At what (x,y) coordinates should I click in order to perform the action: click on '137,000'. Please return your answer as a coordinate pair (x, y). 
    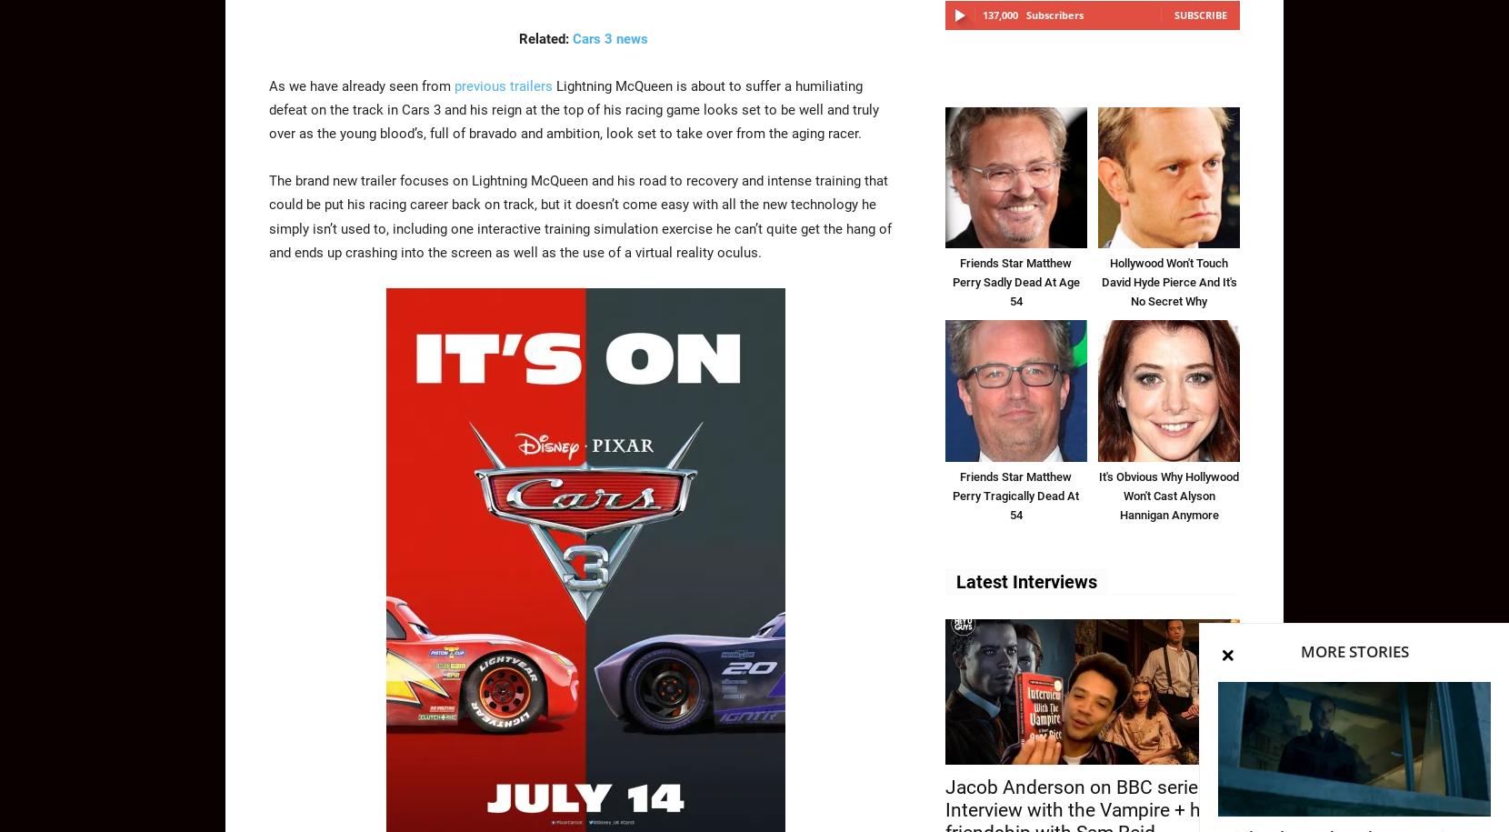
    Looking at the image, I should click on (999, 14).